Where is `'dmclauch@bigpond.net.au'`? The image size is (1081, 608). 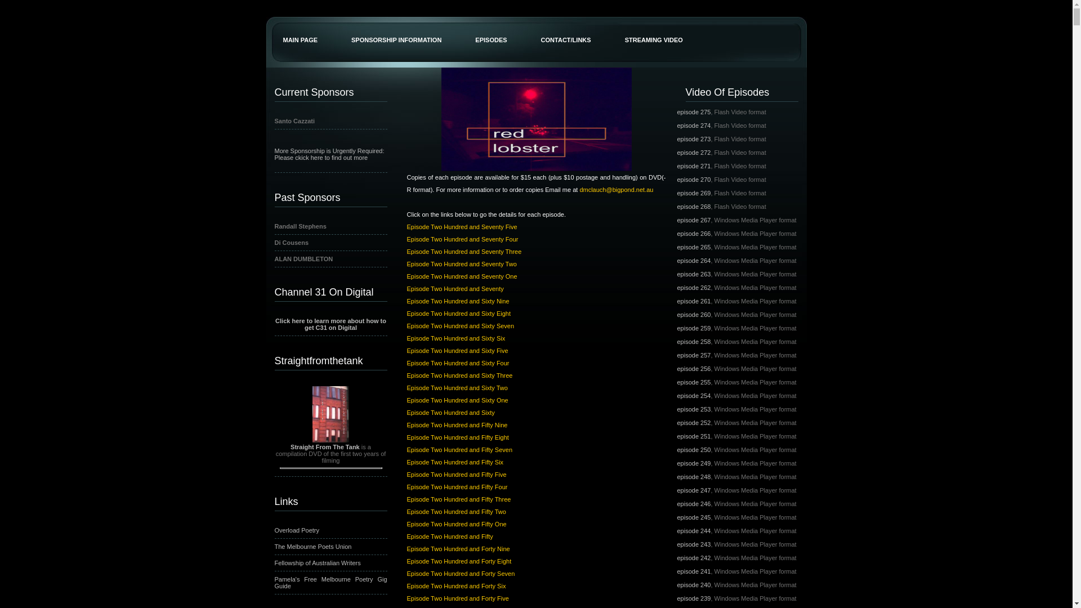
'dmclauch@bigpond.net.au' is located at coordinates (615, 189).